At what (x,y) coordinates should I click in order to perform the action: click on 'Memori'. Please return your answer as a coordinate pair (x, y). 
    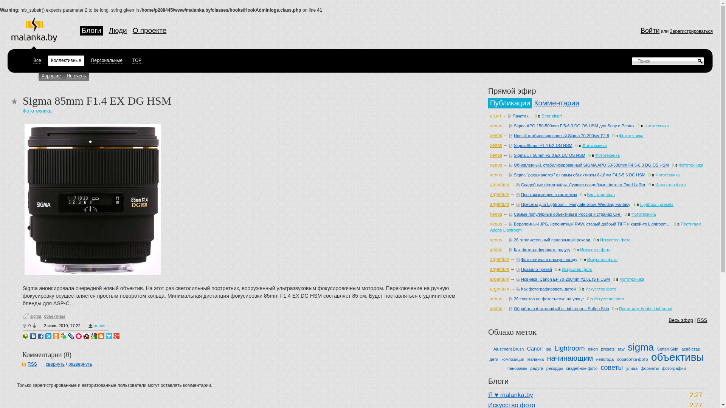
    Looking at the image, I should click on (76, 336).